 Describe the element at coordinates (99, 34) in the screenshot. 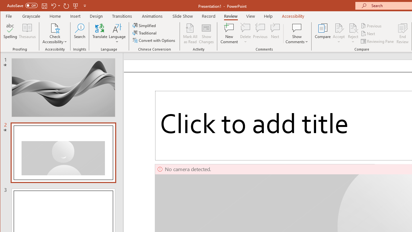

I see `'Translate'` at that location.